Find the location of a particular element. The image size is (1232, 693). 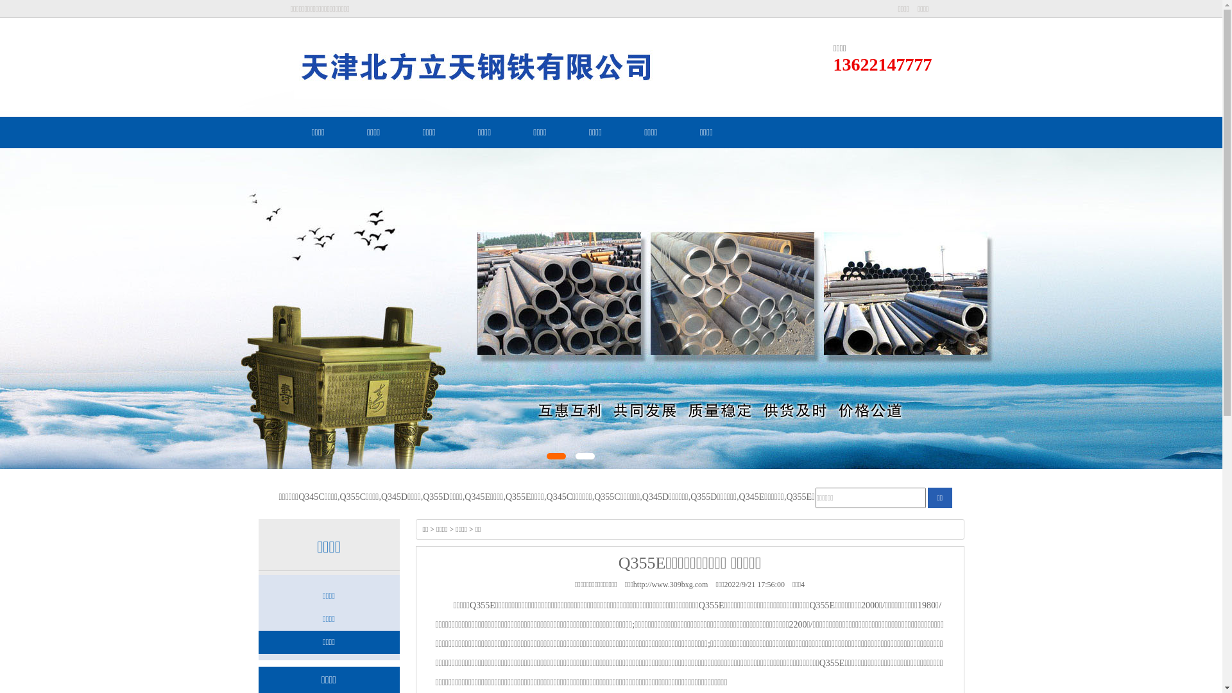

'2' is located at coordinates (585, 455).